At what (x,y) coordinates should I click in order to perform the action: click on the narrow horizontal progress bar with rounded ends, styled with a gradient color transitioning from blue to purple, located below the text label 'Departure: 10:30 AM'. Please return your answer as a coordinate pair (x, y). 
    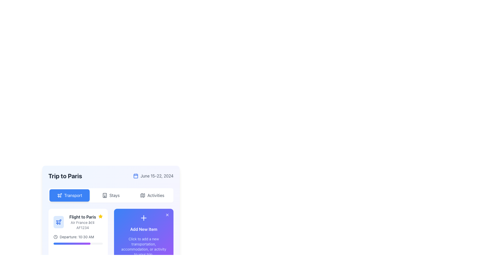
    Looking at the image, I should click on (78, 243).